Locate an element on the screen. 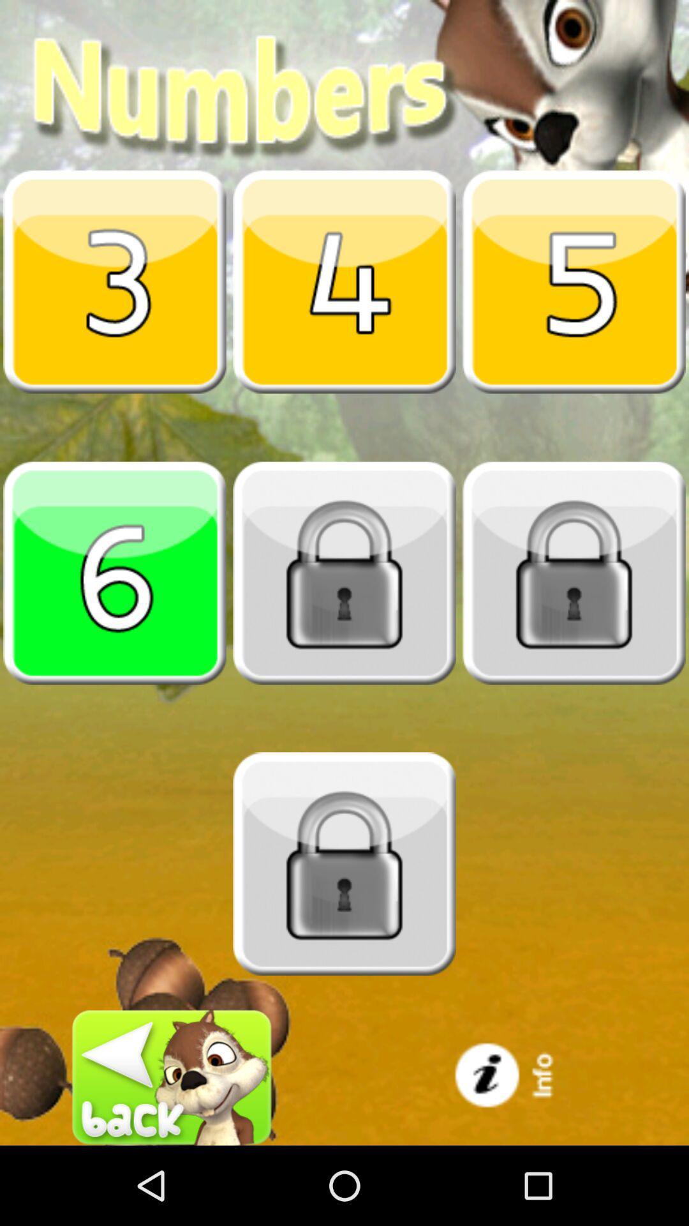  number four is located at coordinates (344, 281).